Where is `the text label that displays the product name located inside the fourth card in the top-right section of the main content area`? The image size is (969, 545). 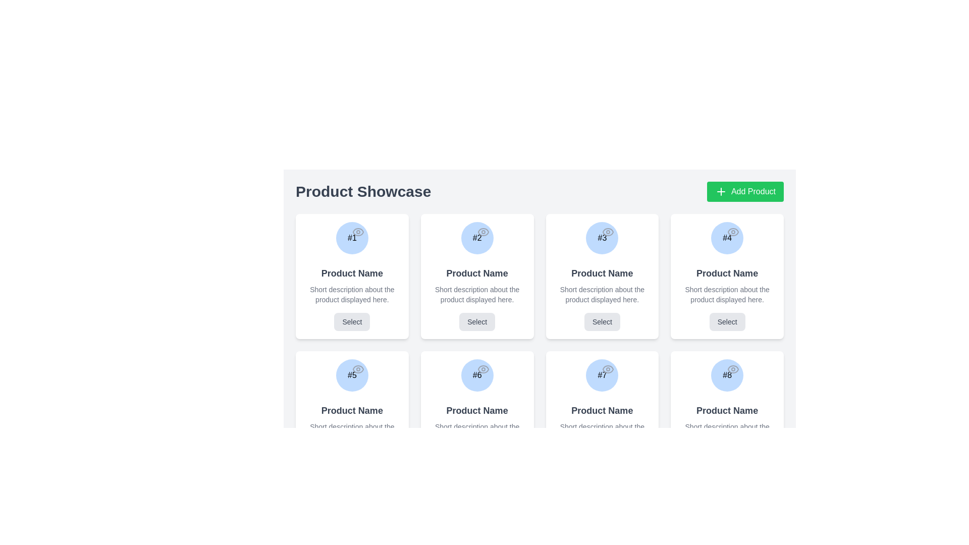 the text label that displays the product name located inside the fourth card in the top-right section of the main content area is located at coordinates (727, 274).